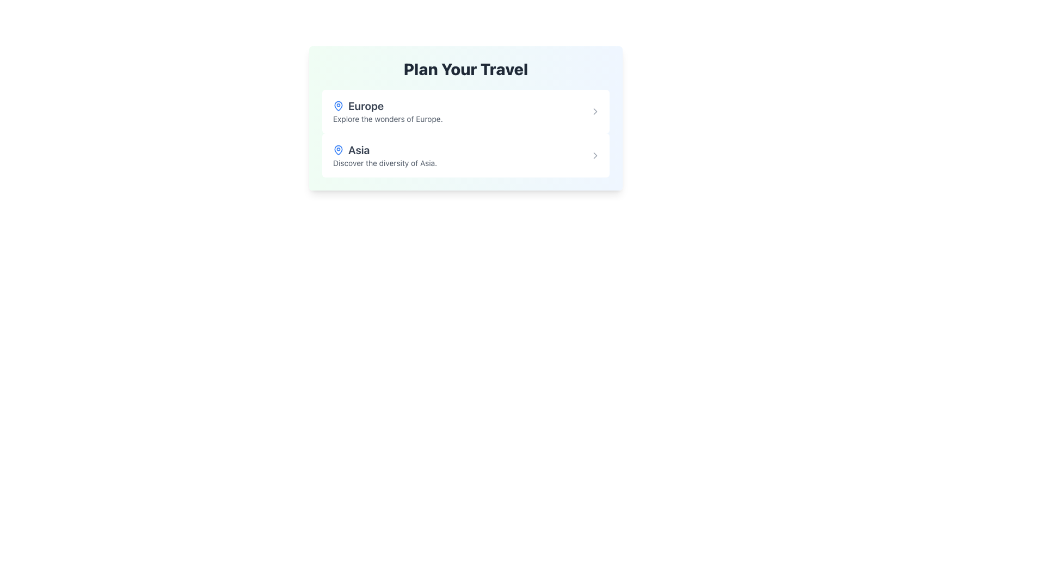 The image size is (1045, 588). Describe the element at coordinates (595, 111) in the screenshot. I see `the chevron arrow icon located to the right of the 'Europe' option` at that location.